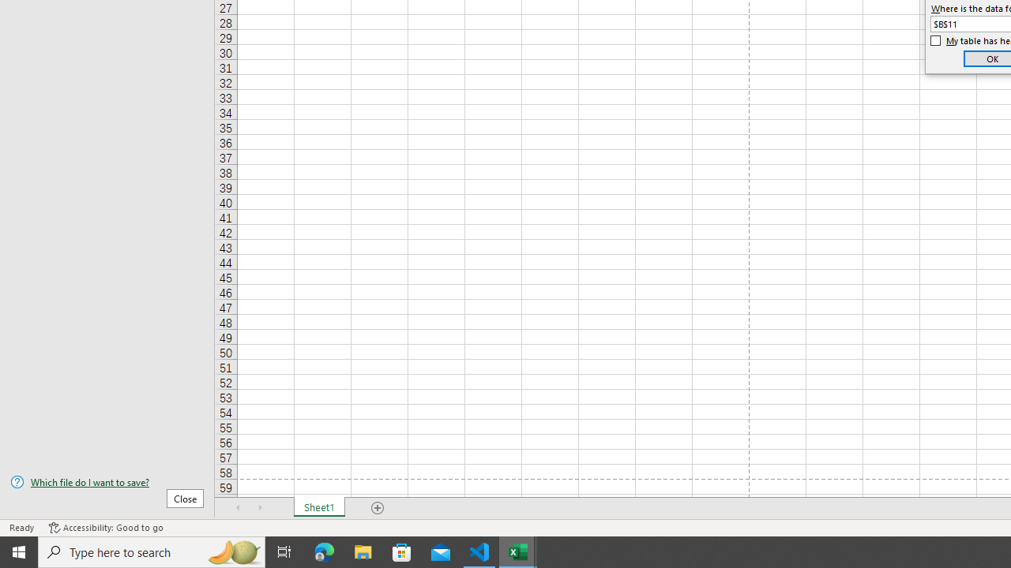 The height and width of the screenshot is (568, 1011). What do you see at coordinates (107, 481) in the screenshot?
I see `'Which file do I want to save?'` at bounding box center [107, 481].